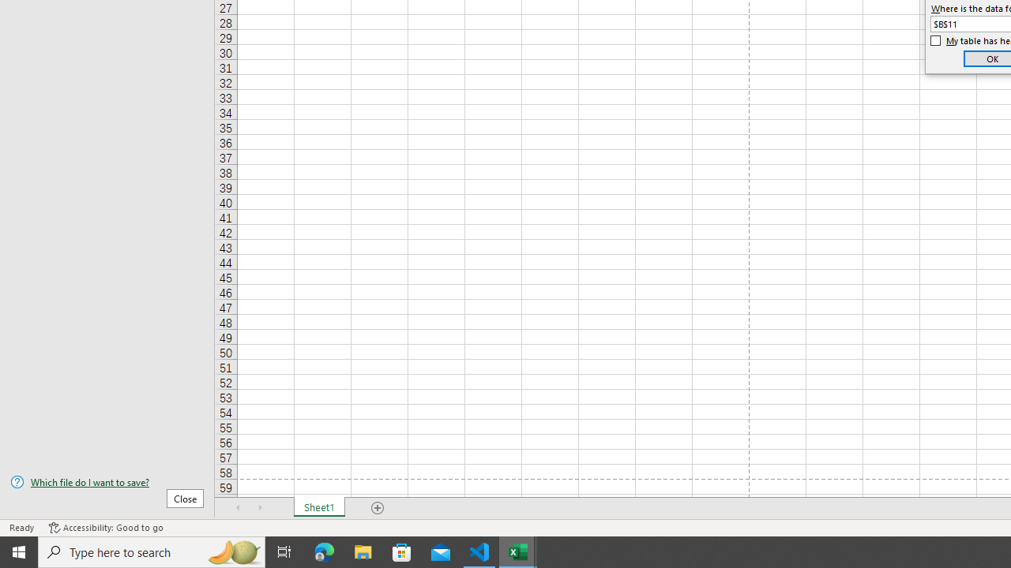 The height and width of the screenshot is (568, 1011). What do you see at coordinates (107, 481) in the screenshot?
I see `'Which file do I want to save?'` at bounding box center [107, 481].